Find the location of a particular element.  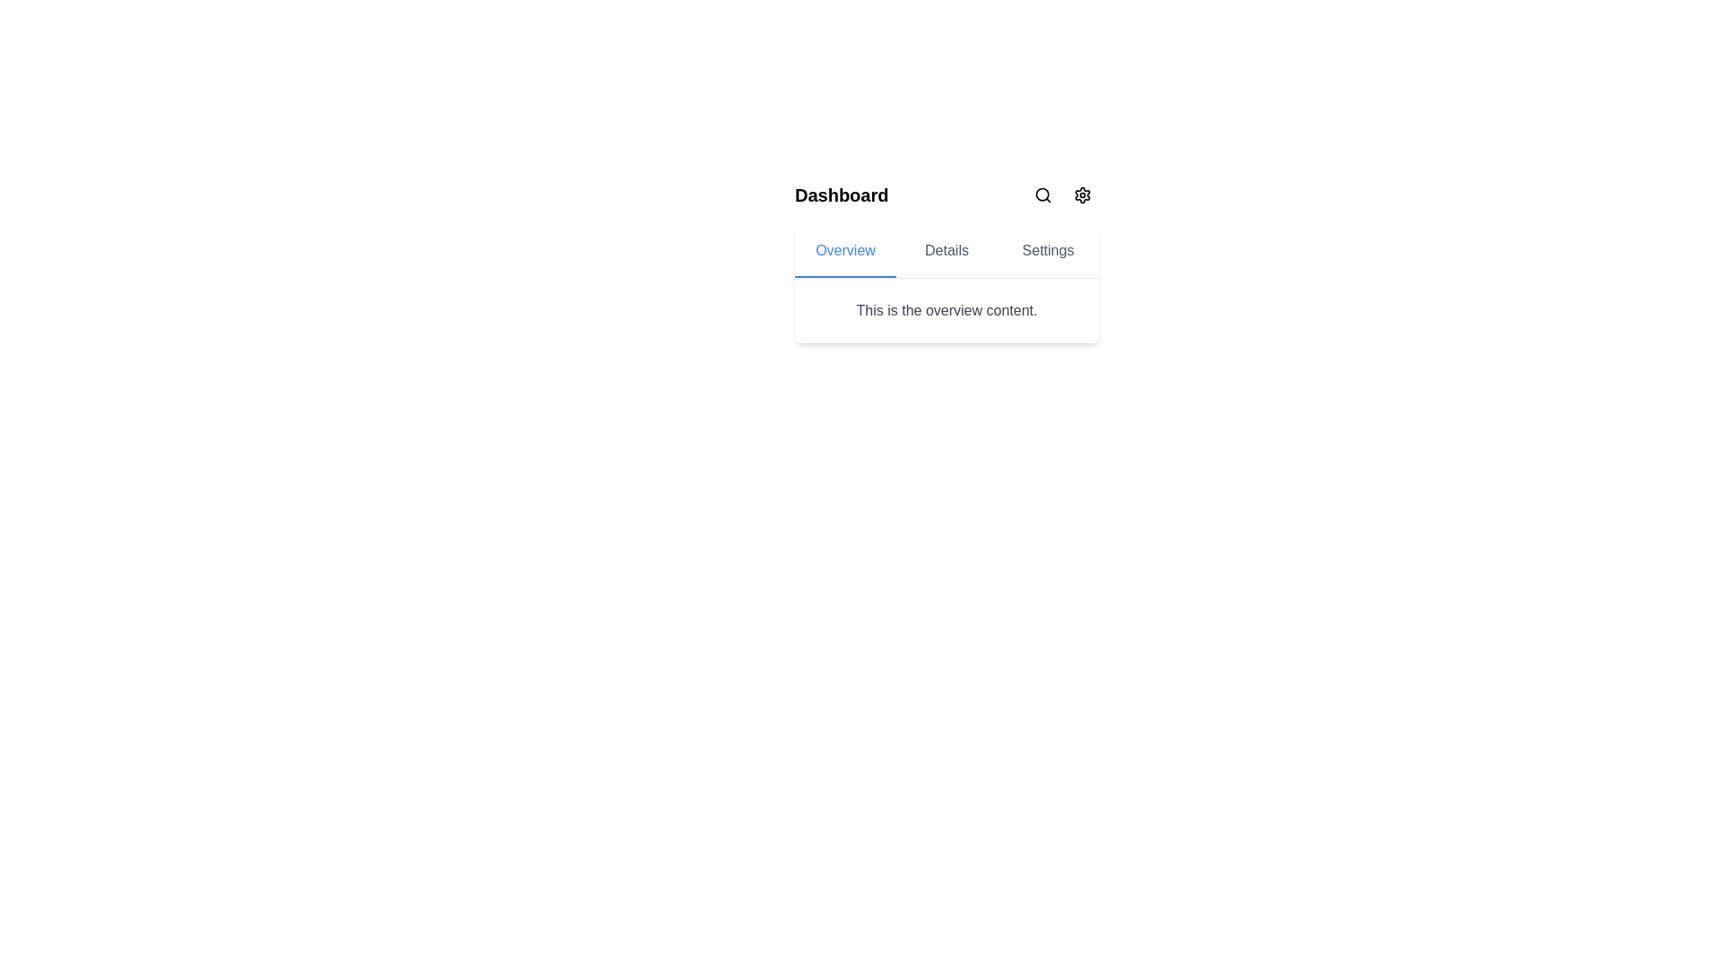

the settings button is located at coordinates (1082, 195).